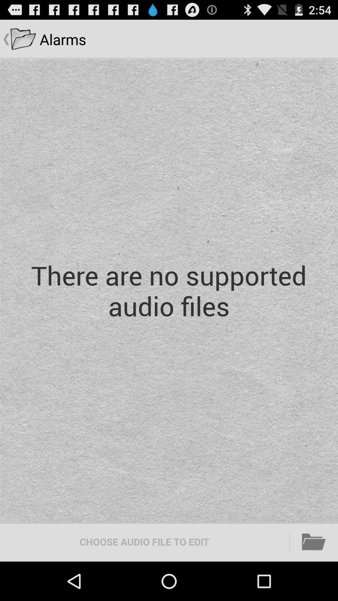 This screenshot has width=338, height=601. Describe the element at coordinates (314, 542) in the screenshot. I see `the item at the bottom right corner` at that location.